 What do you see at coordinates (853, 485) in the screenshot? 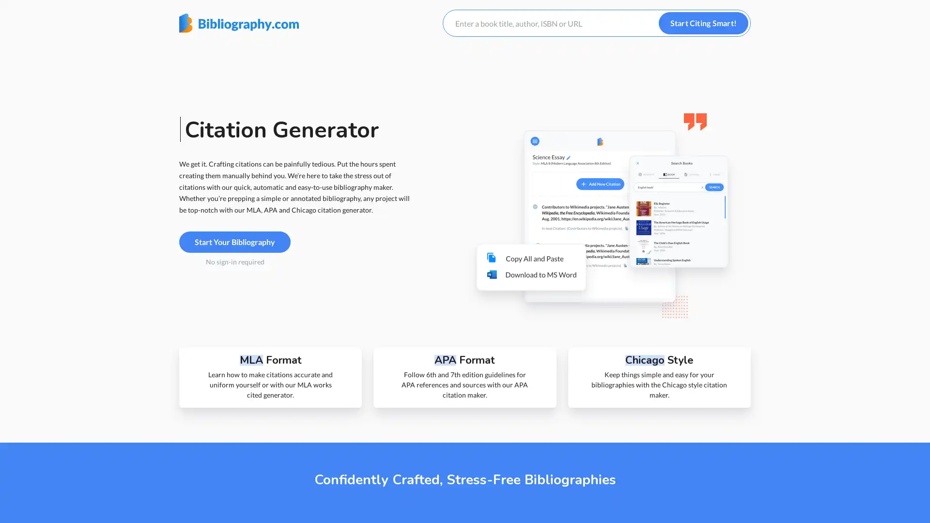
I see `I understand` at bounding box center [853, 485].